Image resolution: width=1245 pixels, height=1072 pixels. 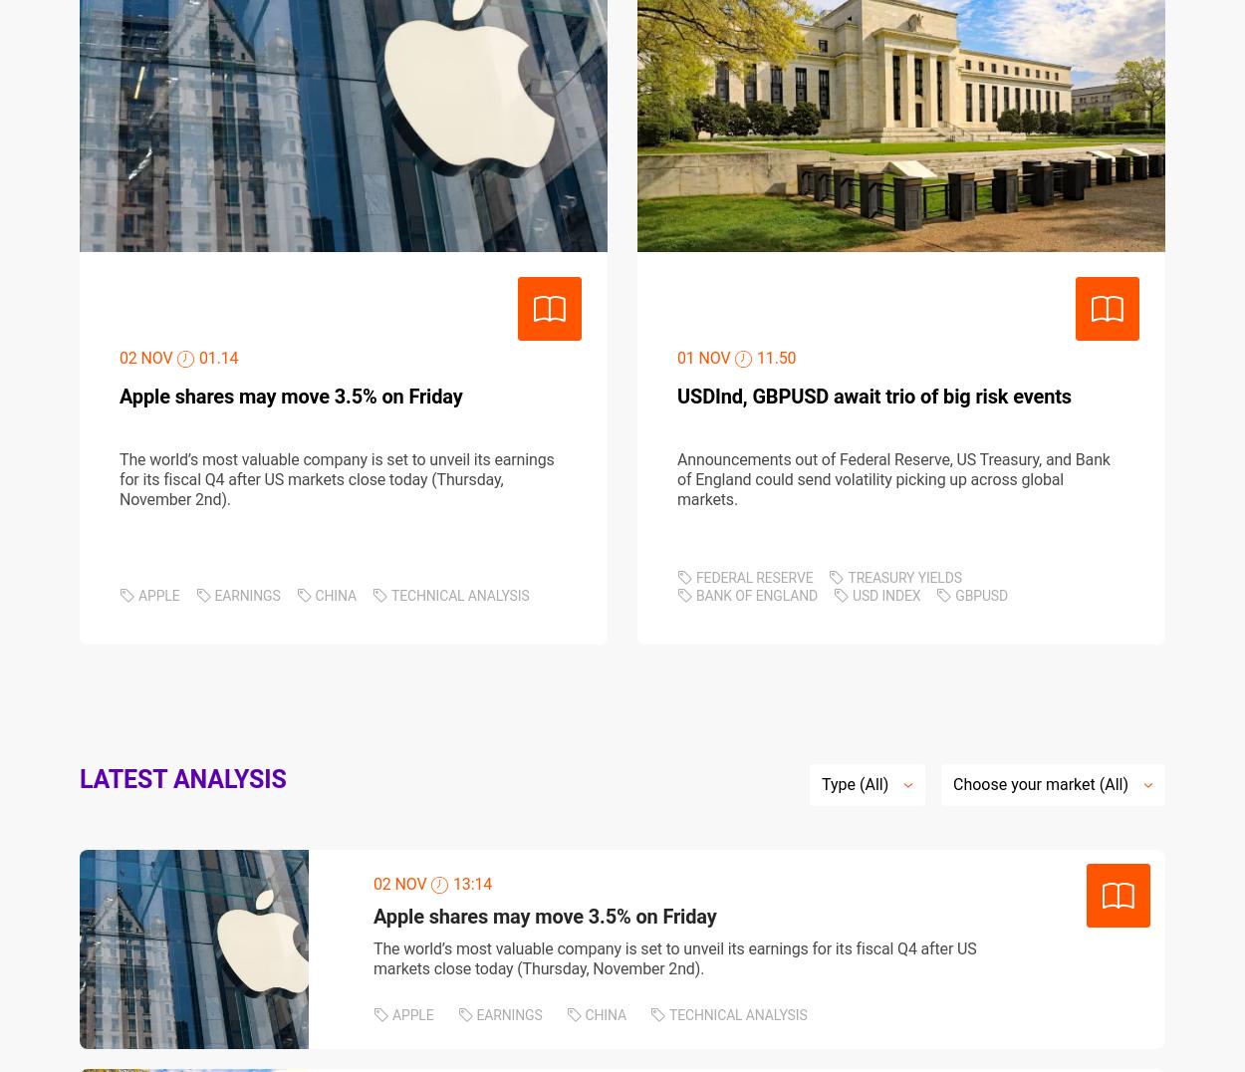 I want to click on 'Sounds good', so click(x=822, y=880).